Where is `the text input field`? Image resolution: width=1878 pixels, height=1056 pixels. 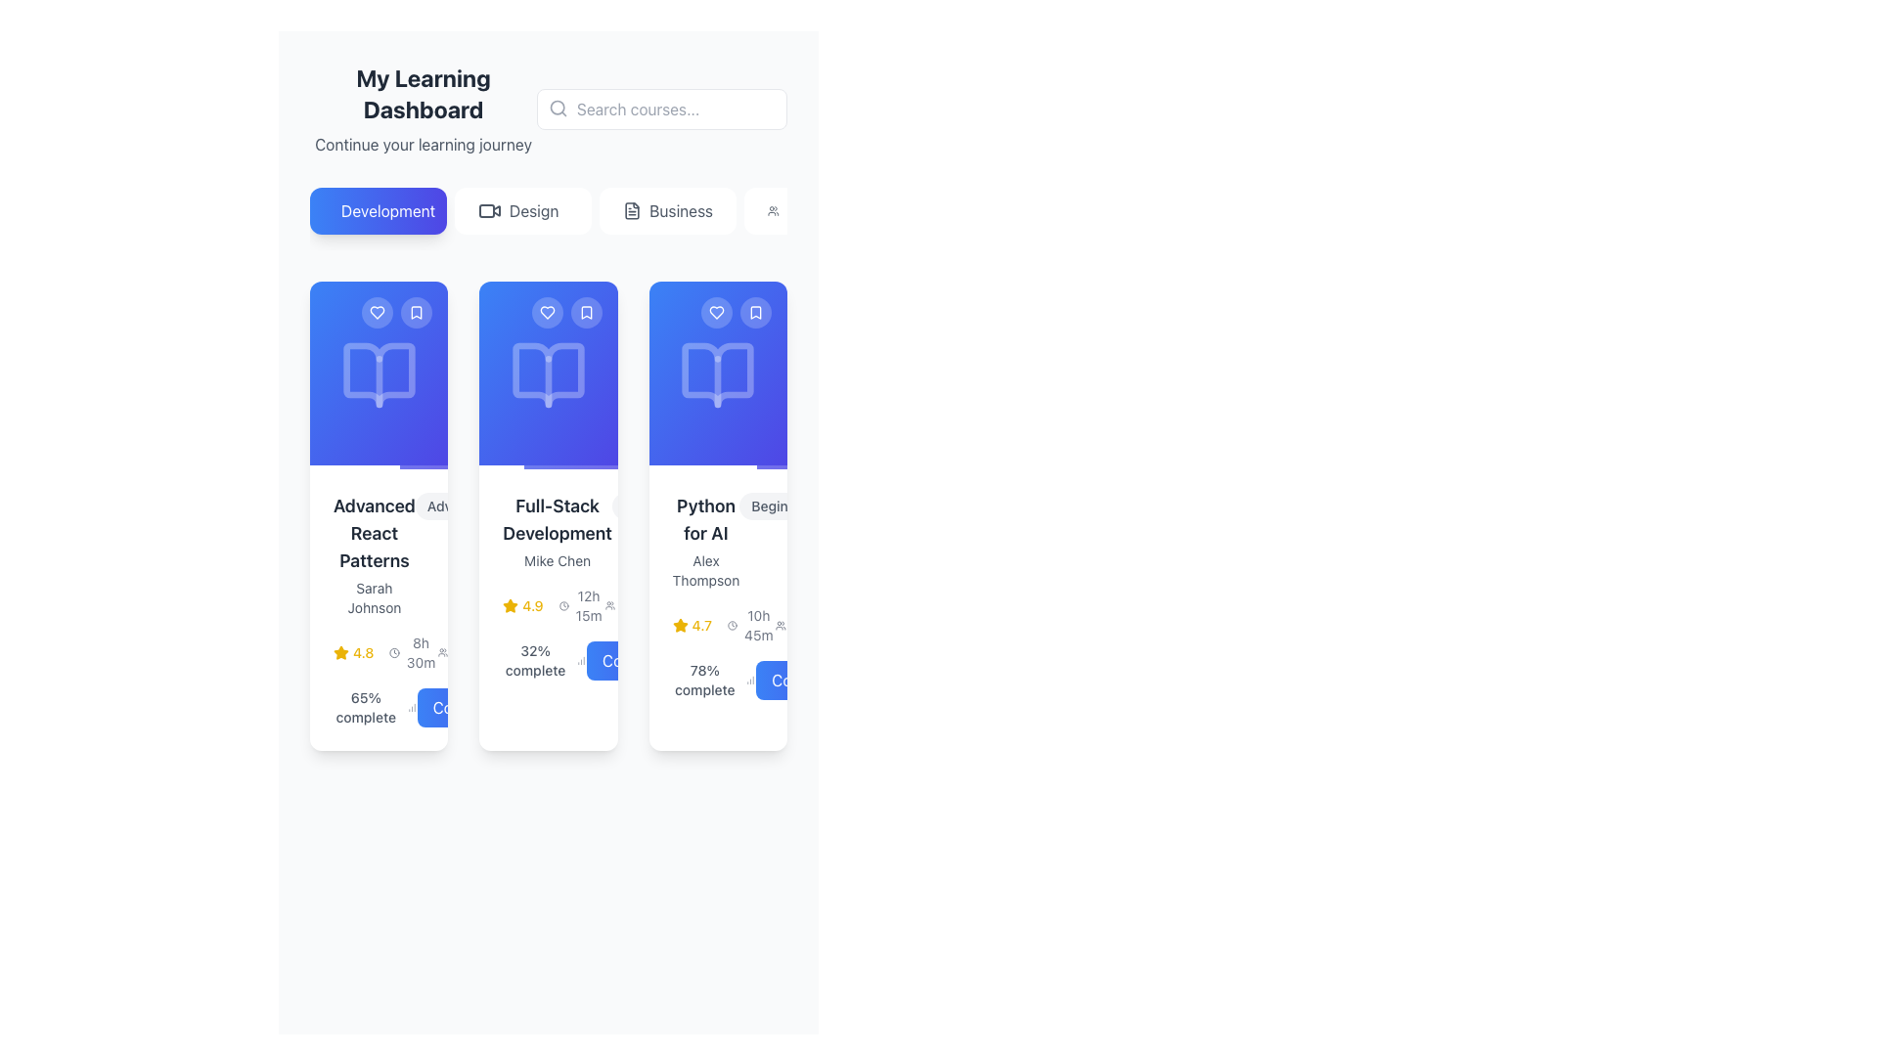
the text input field is located at coordinates (661, 109).